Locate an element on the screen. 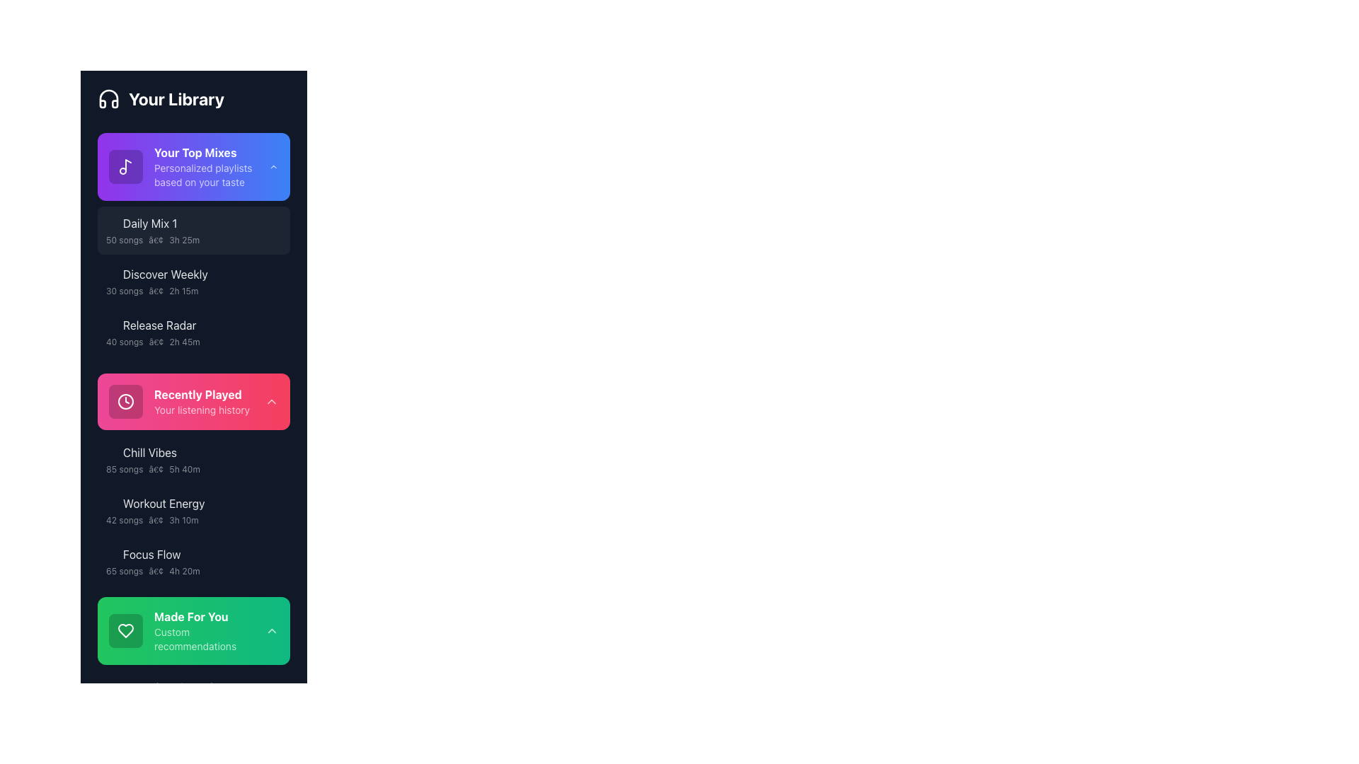  the downward-pointing chevron icon with a thin white stroke located at the right end of the 'Recently Played' section is located at coordinates (272, 401).